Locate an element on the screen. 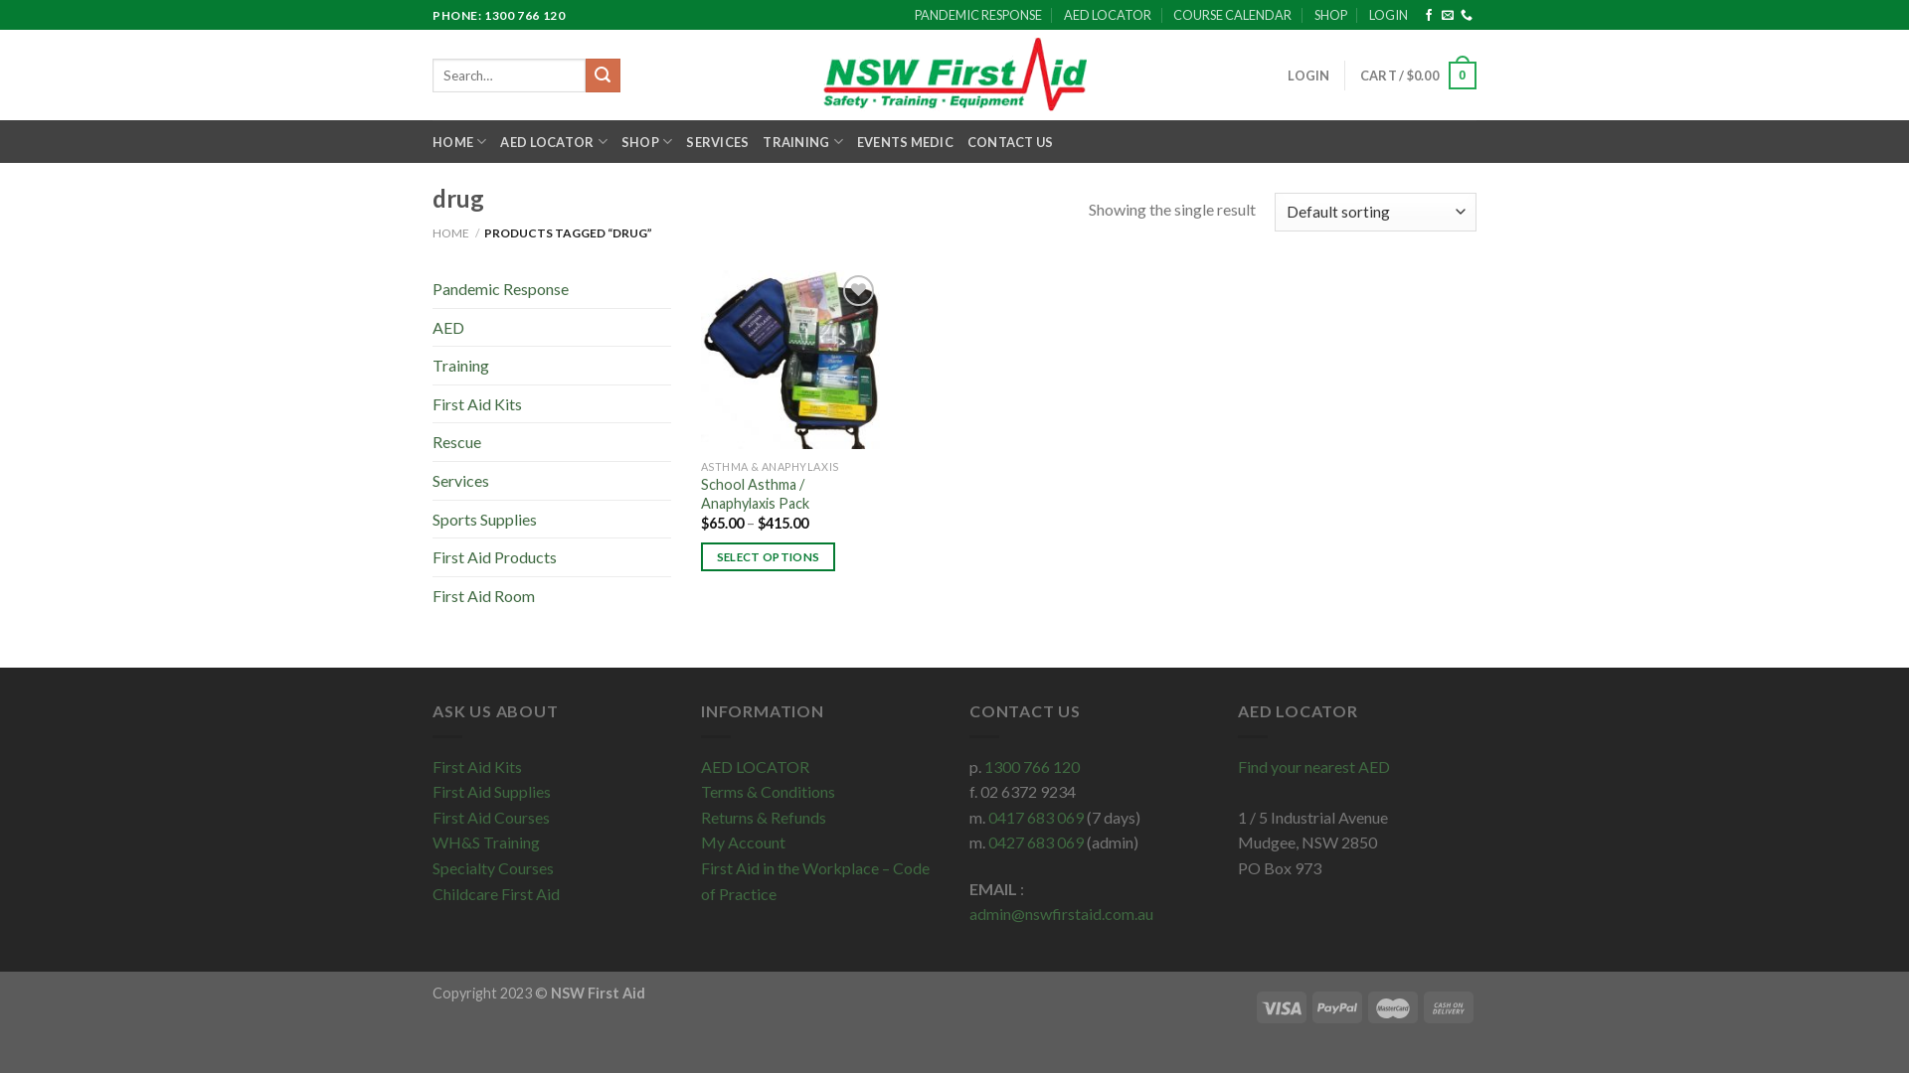  'admin@nswfirstaid.com.au' is located at coordinates (1060, 913).